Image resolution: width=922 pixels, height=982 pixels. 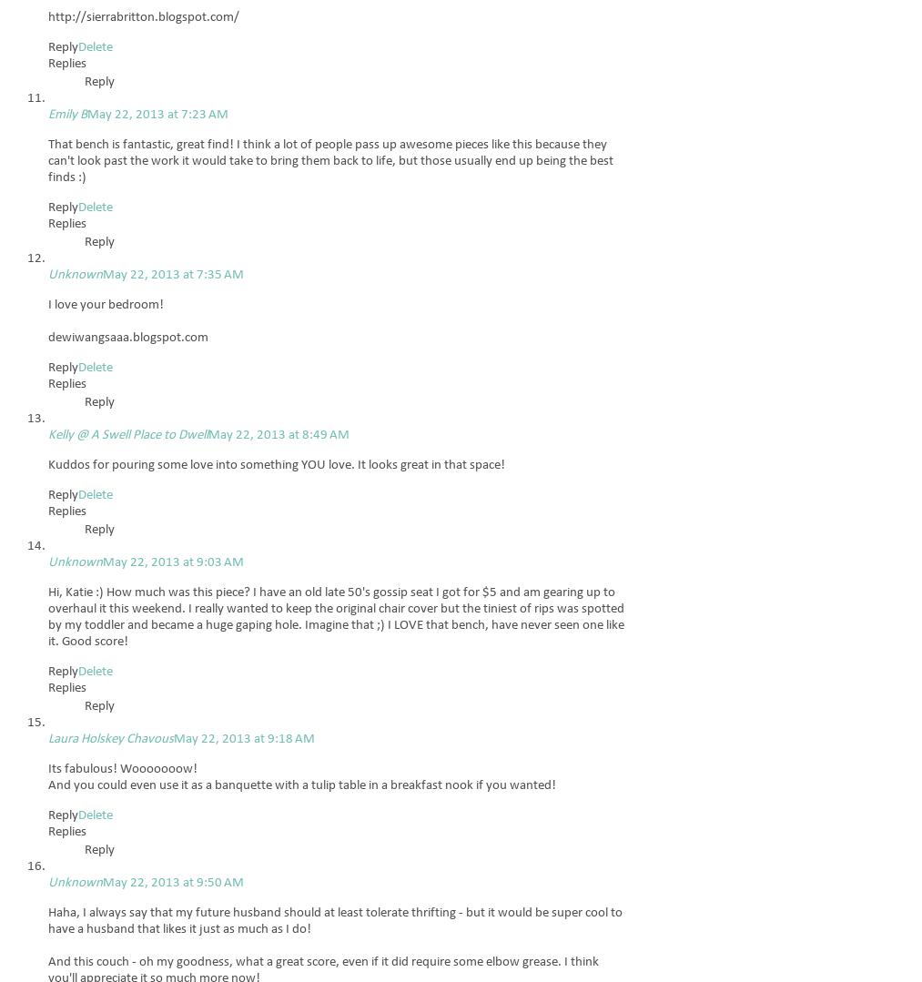 What do you see at coordinates (335, 921) in the screenshot?
I see `'Haha, I always say that my future husband should at least tolerate thrifting - but it would be super cool to have a husband that likes it just as much as I do!'` at bounding box center [335, 921].